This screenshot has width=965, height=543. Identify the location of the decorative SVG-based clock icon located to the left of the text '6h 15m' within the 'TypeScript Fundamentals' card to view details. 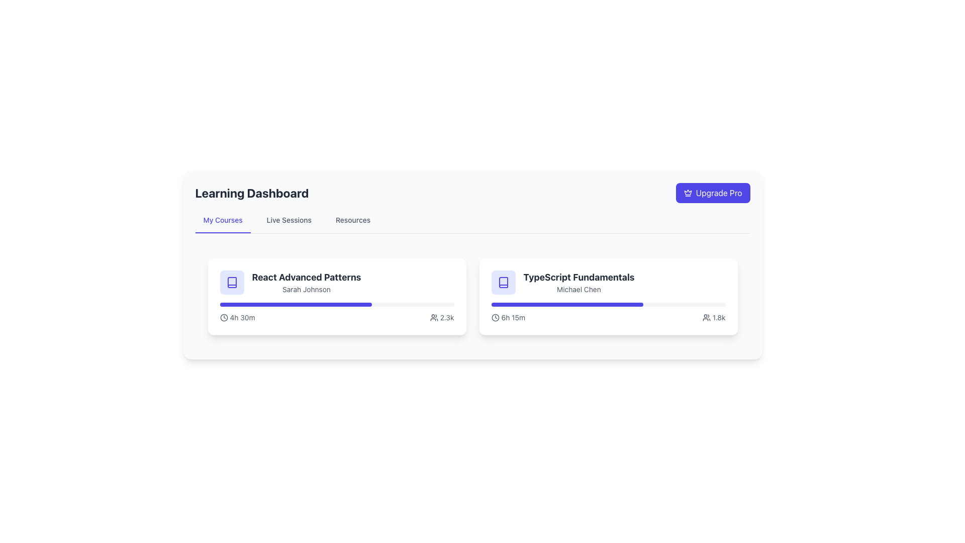
(495, 318).